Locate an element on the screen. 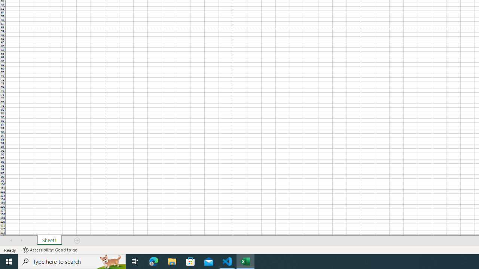 The image size is (479, 269). 'Accessibility Checker Accessibility: Good to go' is located at coordinates (50, 250).